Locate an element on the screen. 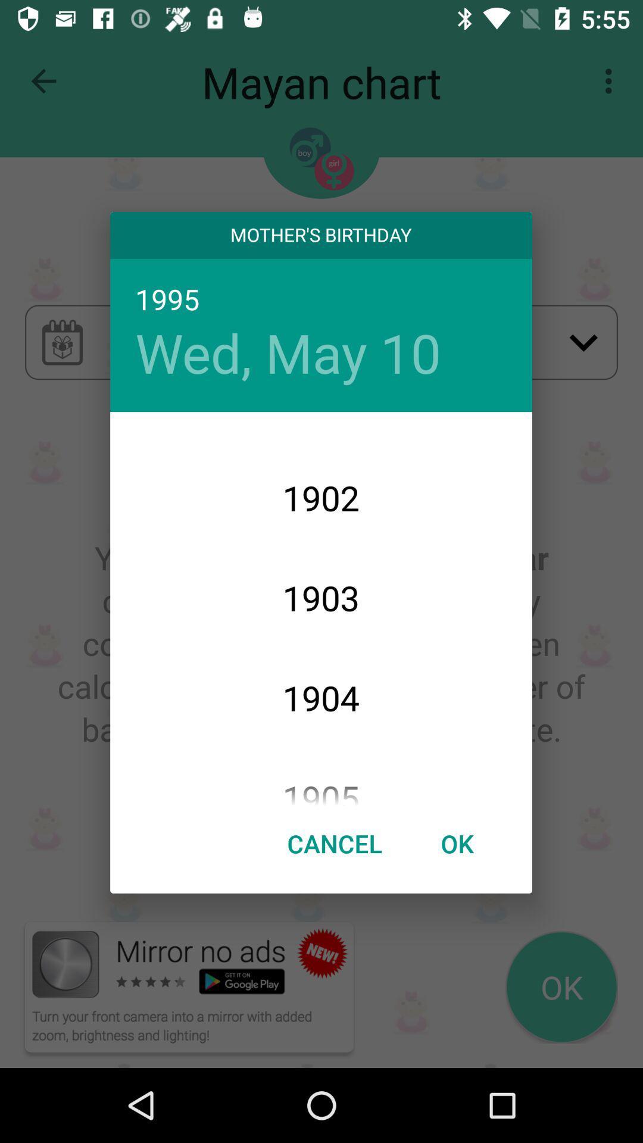  item to the left of ok is located at coordinates (335, 842).